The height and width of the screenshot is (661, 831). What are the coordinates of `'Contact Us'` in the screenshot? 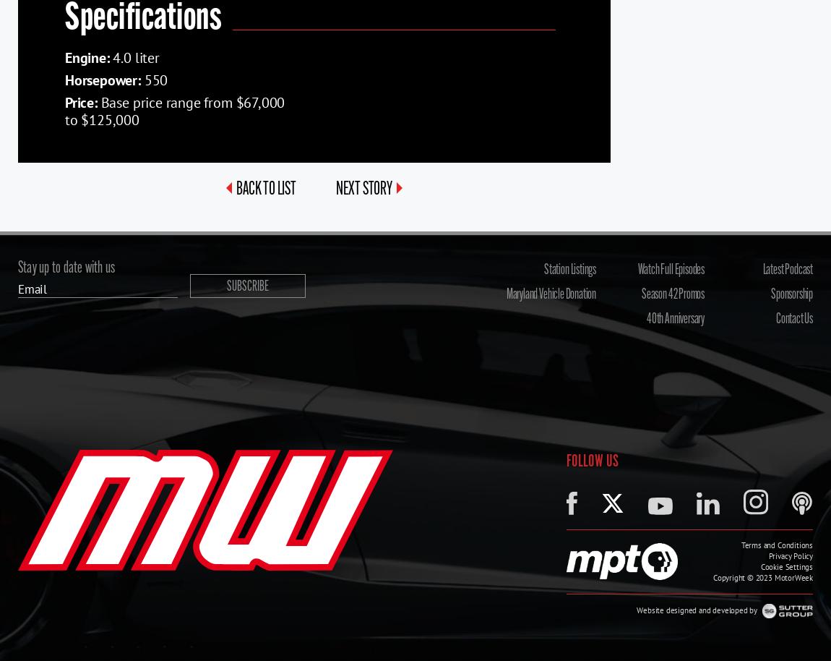 It's located at (794, 318).